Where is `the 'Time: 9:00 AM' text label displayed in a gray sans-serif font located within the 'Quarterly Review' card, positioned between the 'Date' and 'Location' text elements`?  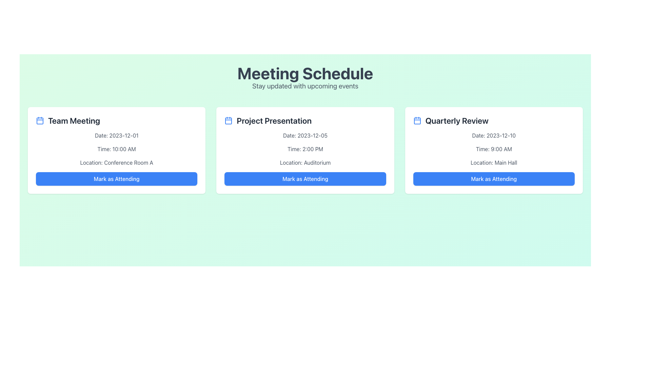
the 'Time: 9:00 AM' text label displayed in a gray sans-serif font located within the 'Quarterly Review' card, positioned between the 'Date' and 'Location' text elements is located at coordinates (494, 148).